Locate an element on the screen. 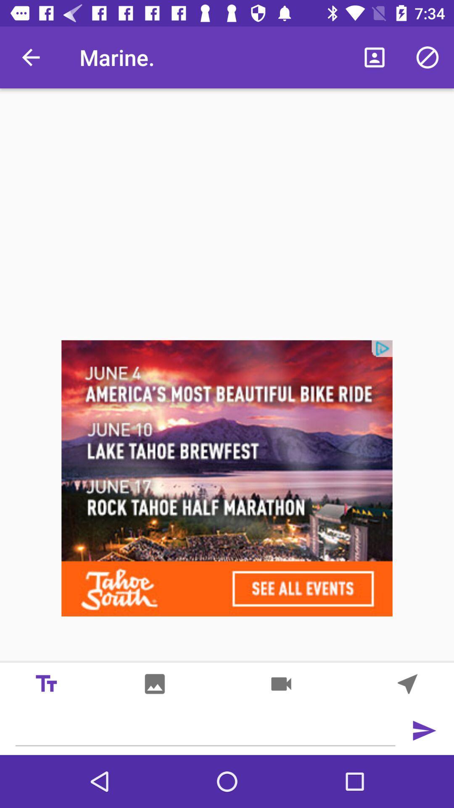 The height and width of the screenshot is (808, 454). go back is located at coordinates (407, 684).